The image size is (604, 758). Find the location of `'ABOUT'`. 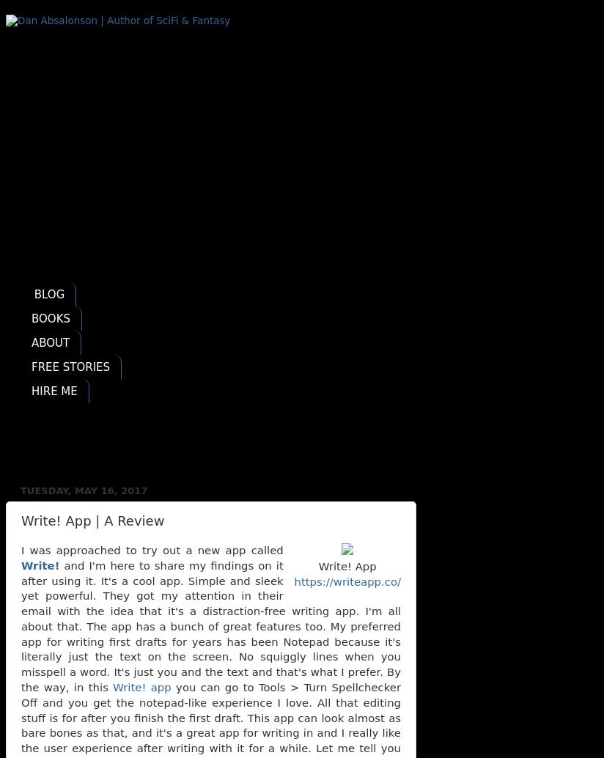

'ABOUT' is located at coordinates (32, 341).